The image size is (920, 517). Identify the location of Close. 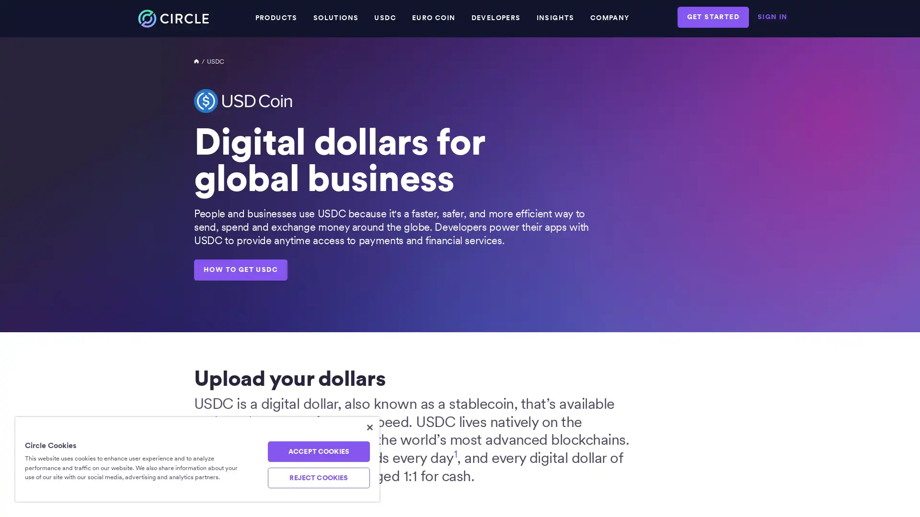
(369, 427).